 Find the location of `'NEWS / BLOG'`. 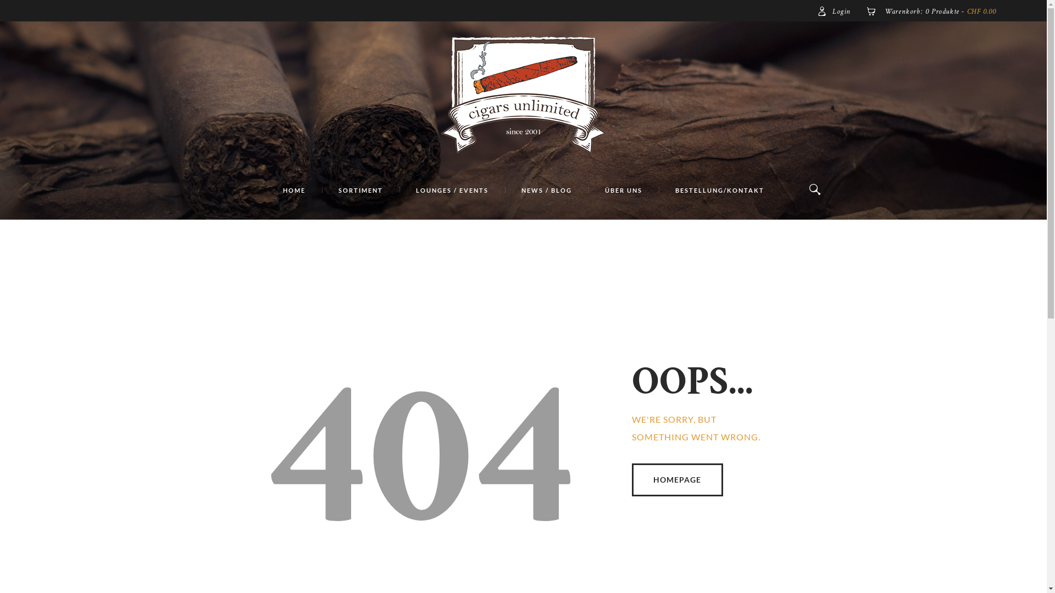

'NEWS / BLOG' is located at coordinates (546, 190).